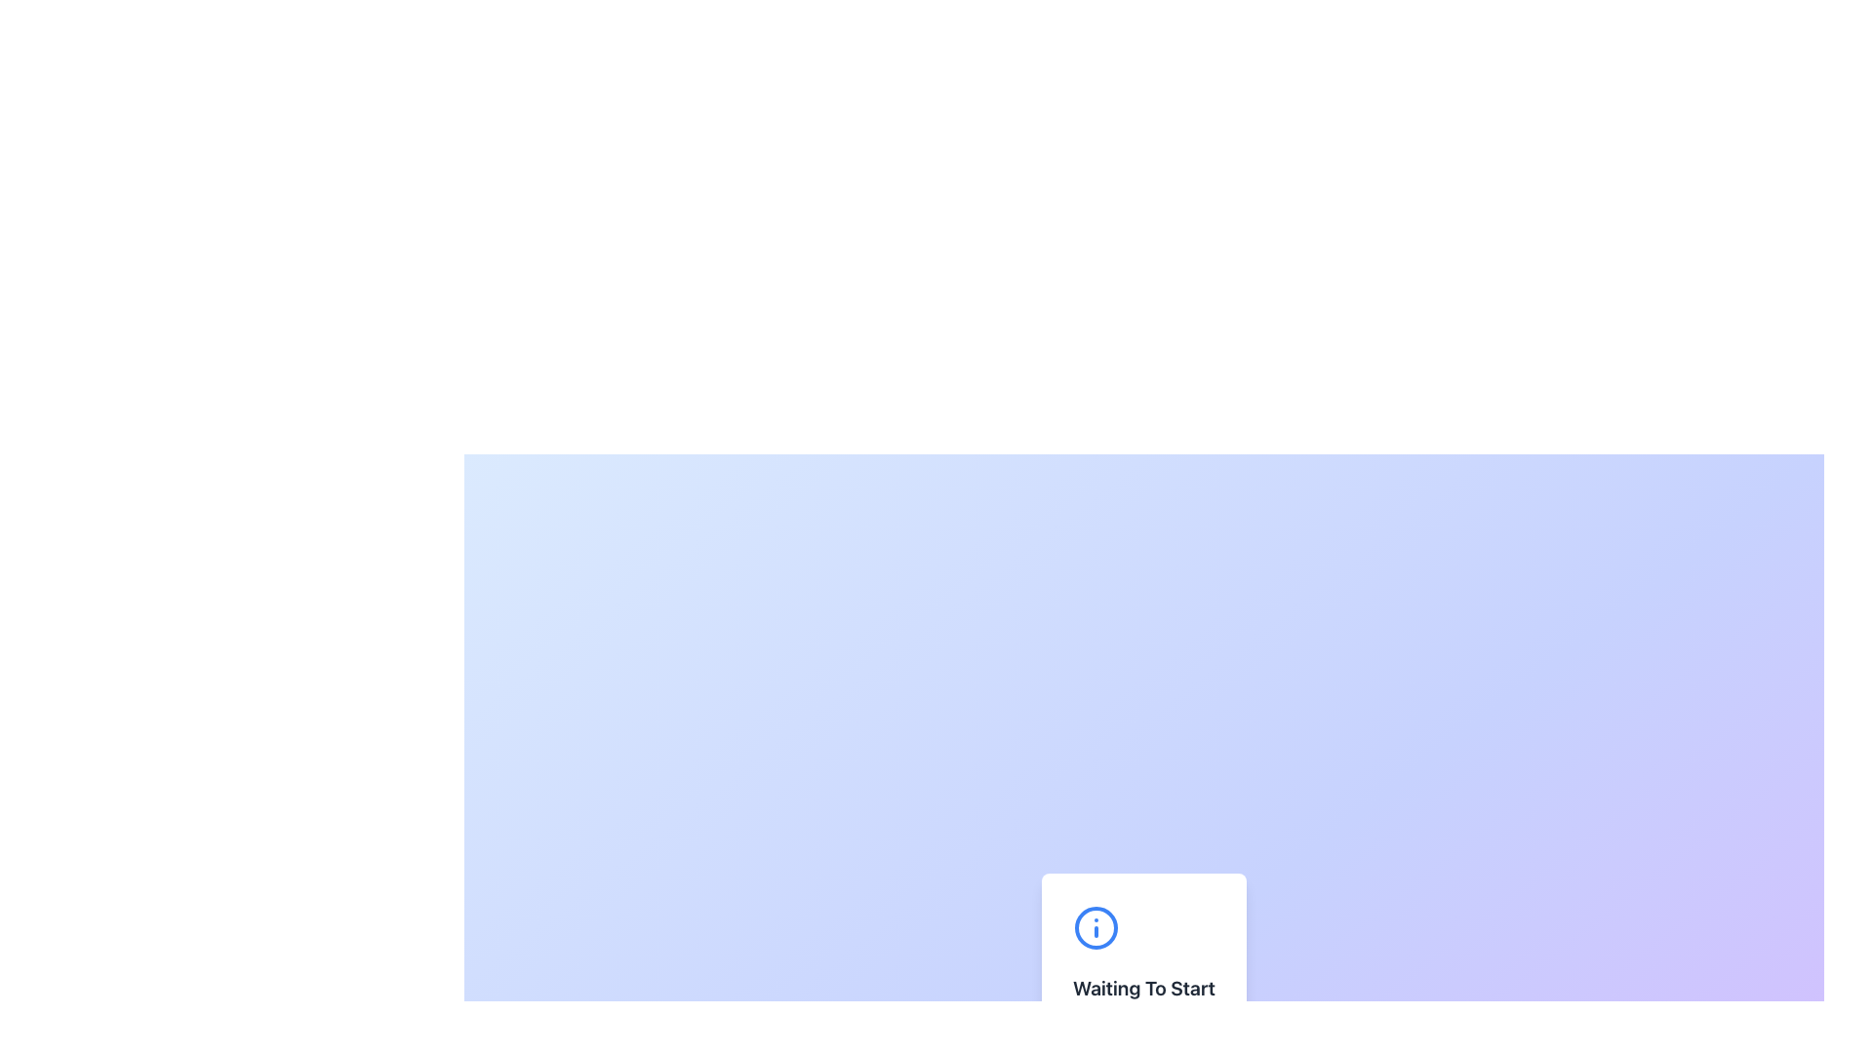 This screenshot has width=1873, height=1053. Describe the element at coordinates (1143, 989) in the screenshot. I see `the static text element that indicates a status or process stage, located below an informational icon and above the 'Start Process' button` at that location.